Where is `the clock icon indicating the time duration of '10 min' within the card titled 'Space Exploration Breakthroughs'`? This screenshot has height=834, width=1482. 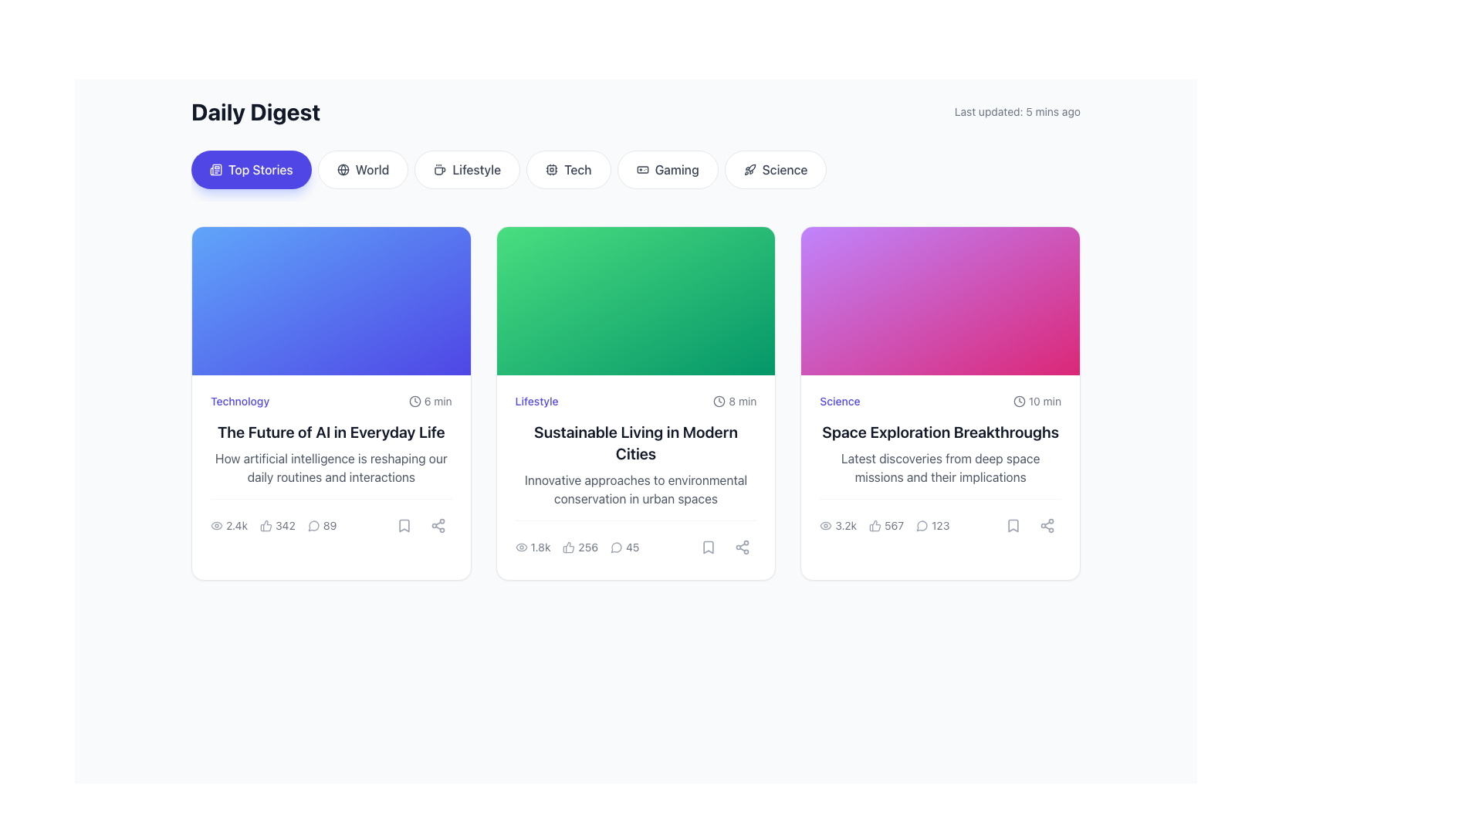
the clock icon indicating the time duration of '10 min' within the card titled 'Space Exploration Breakthroughs' is located at coordinates (1019, 401).